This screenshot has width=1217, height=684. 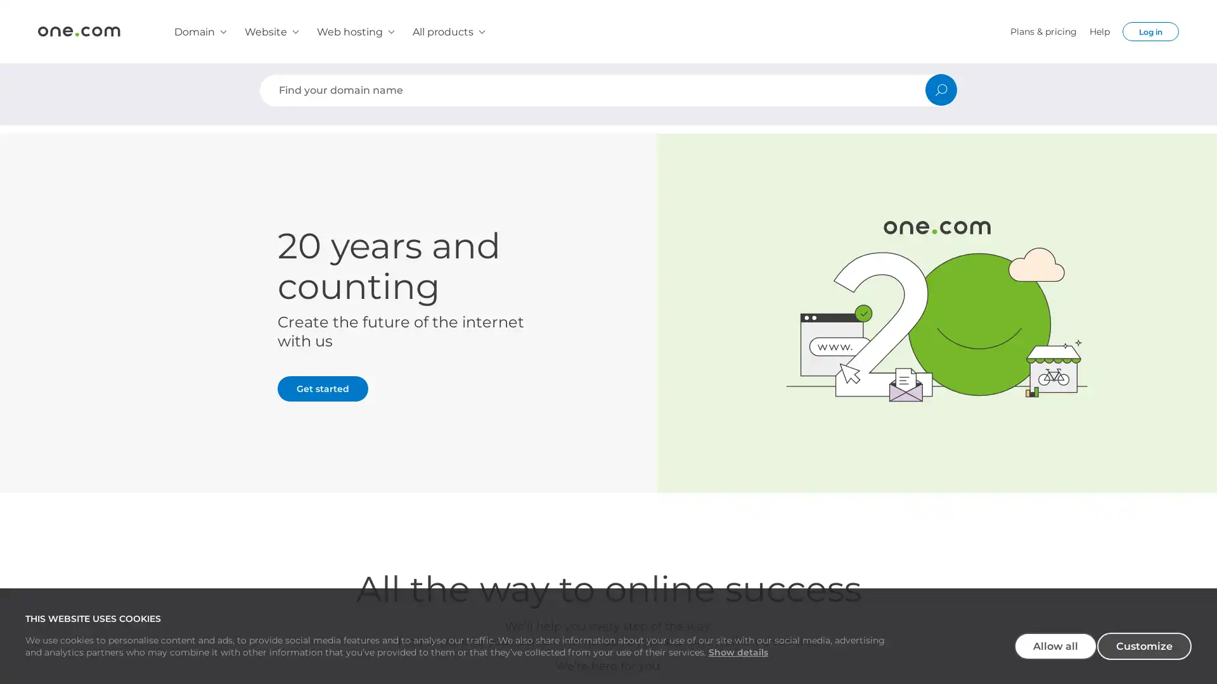 What do you see at coordinates (323, 388) in the screenshot?
I see `Get started` at bounding box center [323, 388].